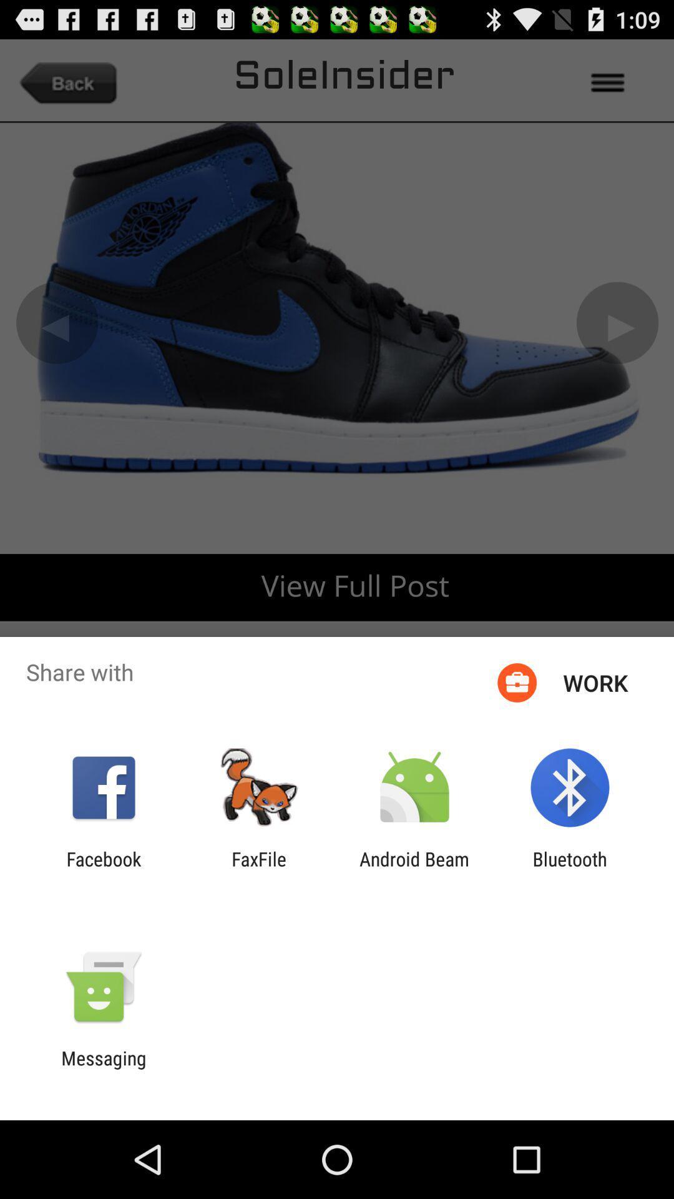 The image size is (674, 1199). What do you see at coordinates (414, 869) in the screenshot?
I see `the android beam` at bounding box center [414, 869].